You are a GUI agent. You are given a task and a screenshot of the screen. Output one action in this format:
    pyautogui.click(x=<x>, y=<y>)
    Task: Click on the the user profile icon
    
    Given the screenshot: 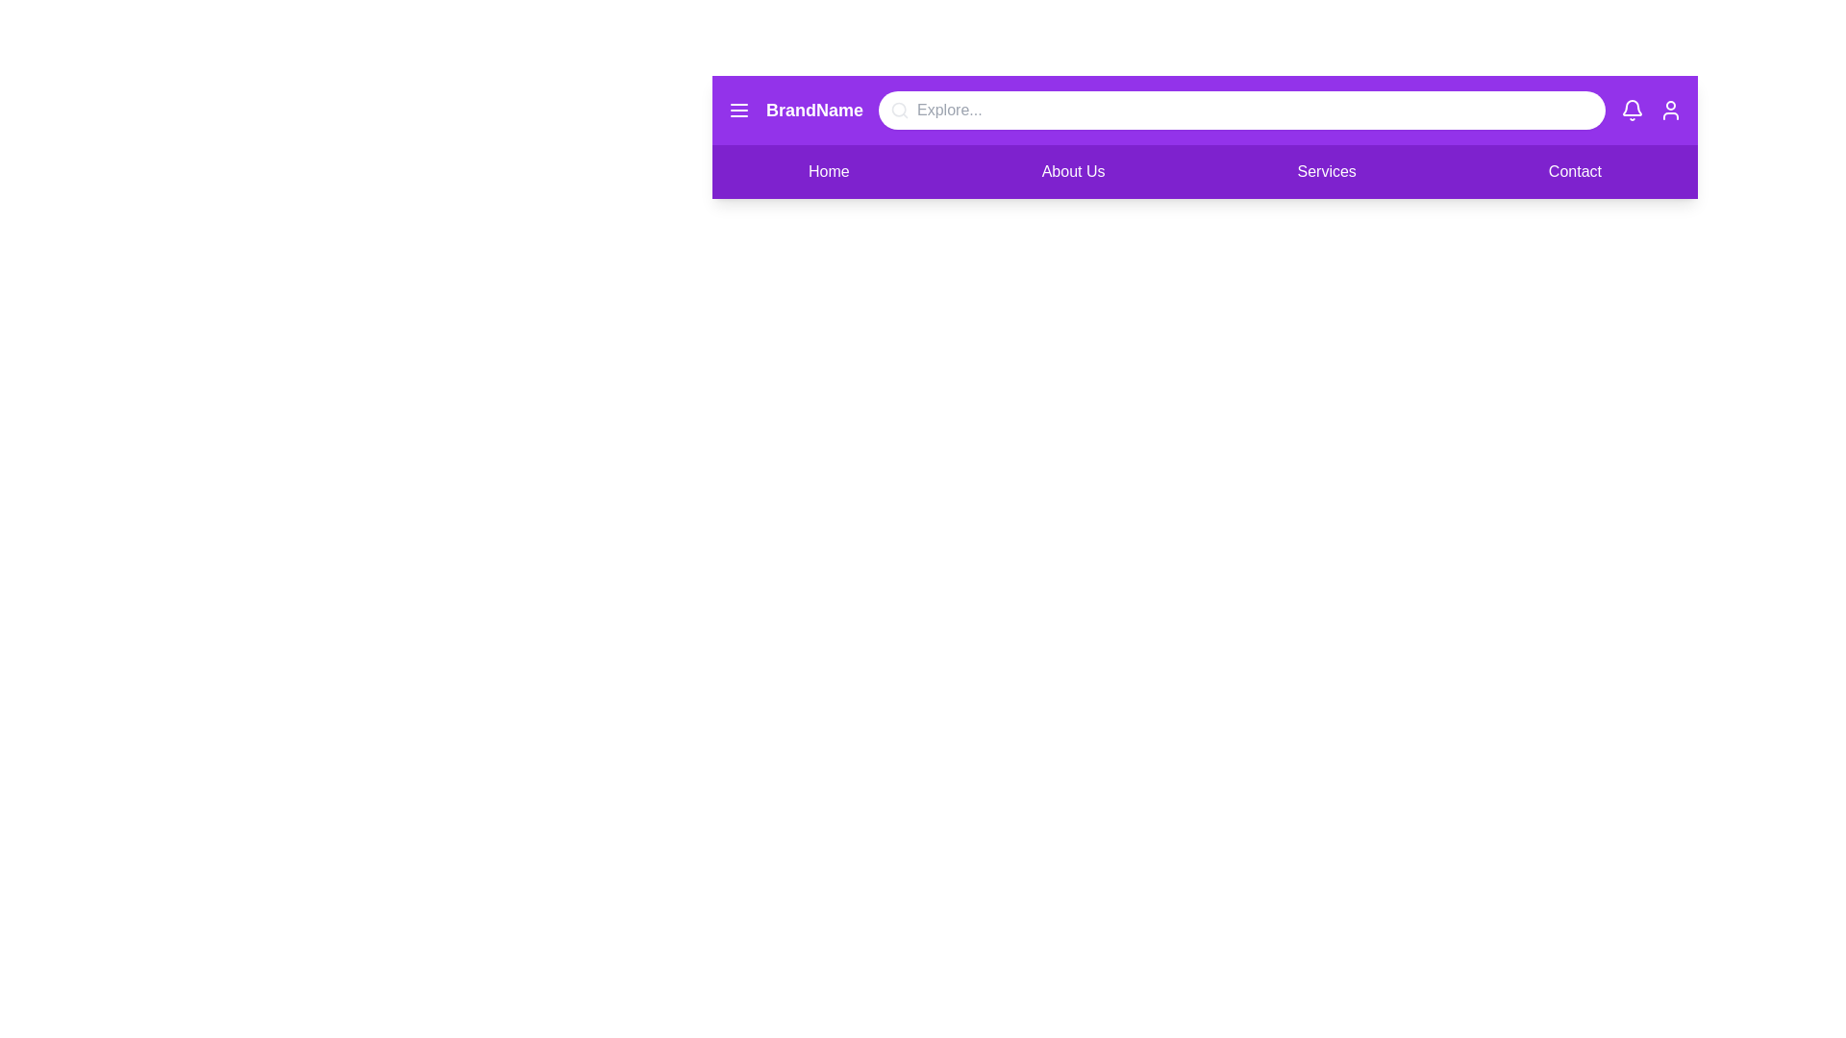 What is the action you would take?
    pyautogui.click(x=1669, y=111)
    